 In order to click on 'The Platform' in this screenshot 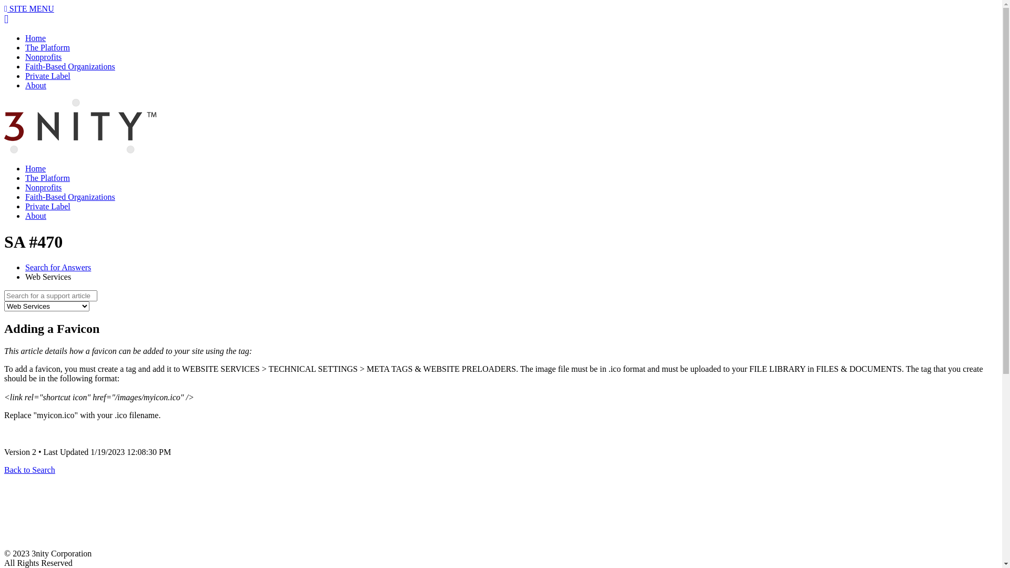, I will do `click(47, 177)`.